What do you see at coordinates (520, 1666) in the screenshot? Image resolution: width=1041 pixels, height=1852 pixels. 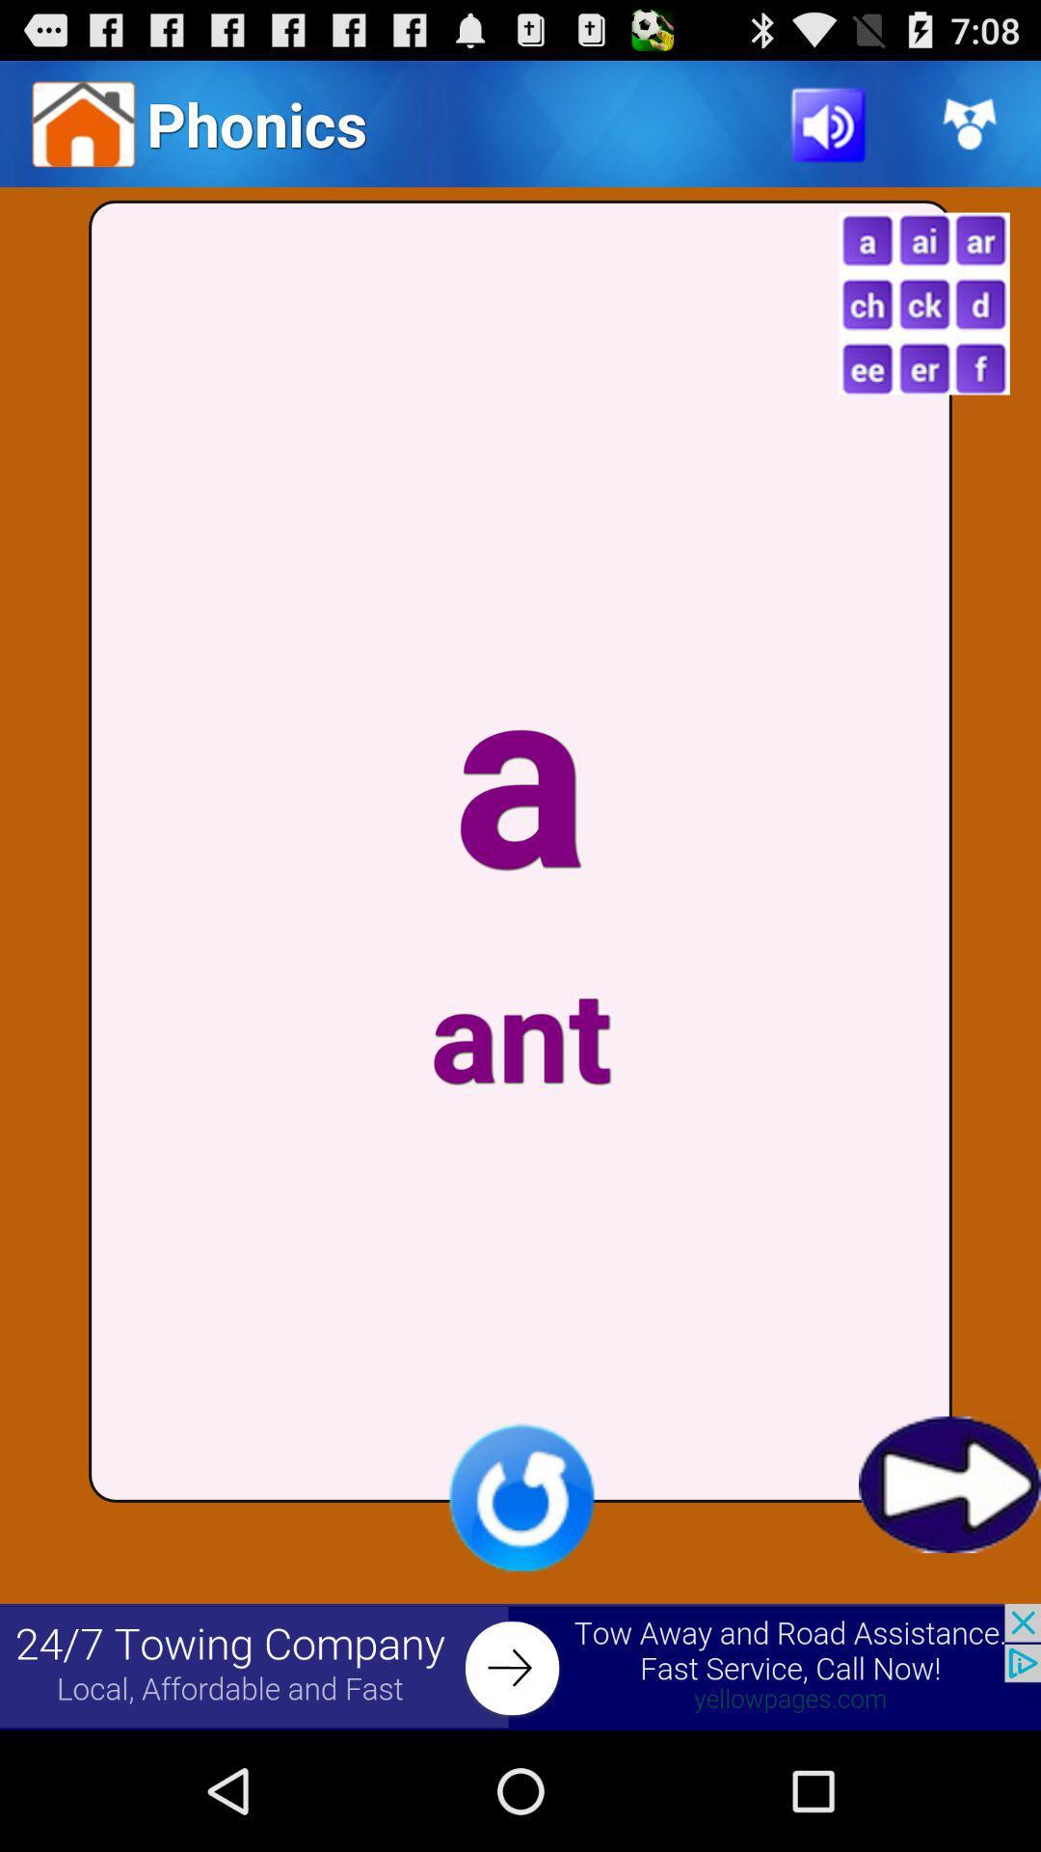 I see `advertisement` at bounding box center [520, 1666].